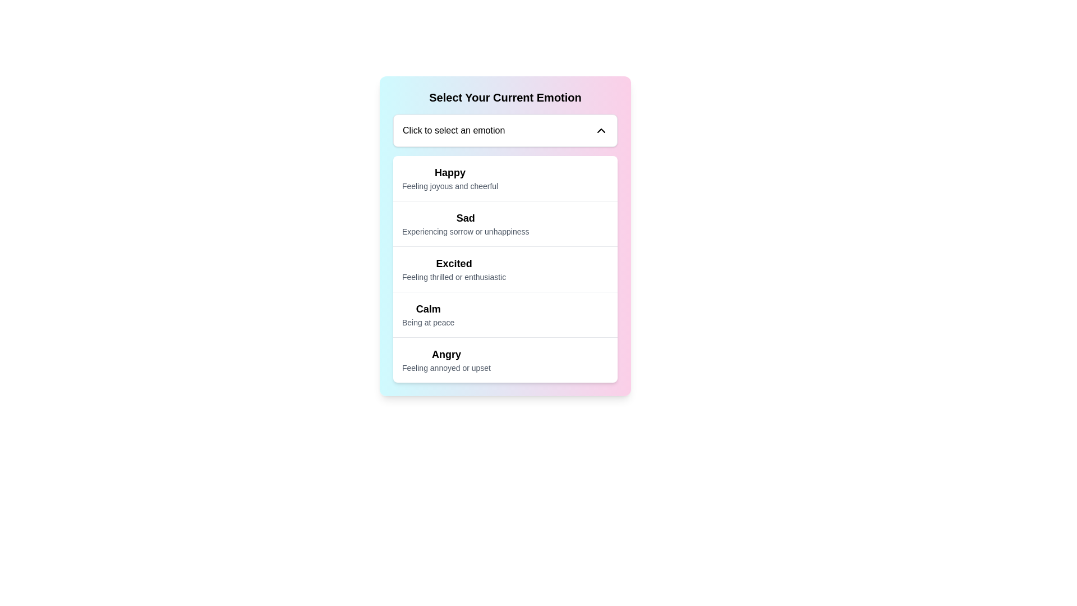 The width and height of the screenshot is (1077, 606). What do you see at coordinates (505, 269) in the screenshot?
I see `the 'Excited' emotion list item, which is the third item in a vertically stacked list of emotions` at bounding box center [505, 269].